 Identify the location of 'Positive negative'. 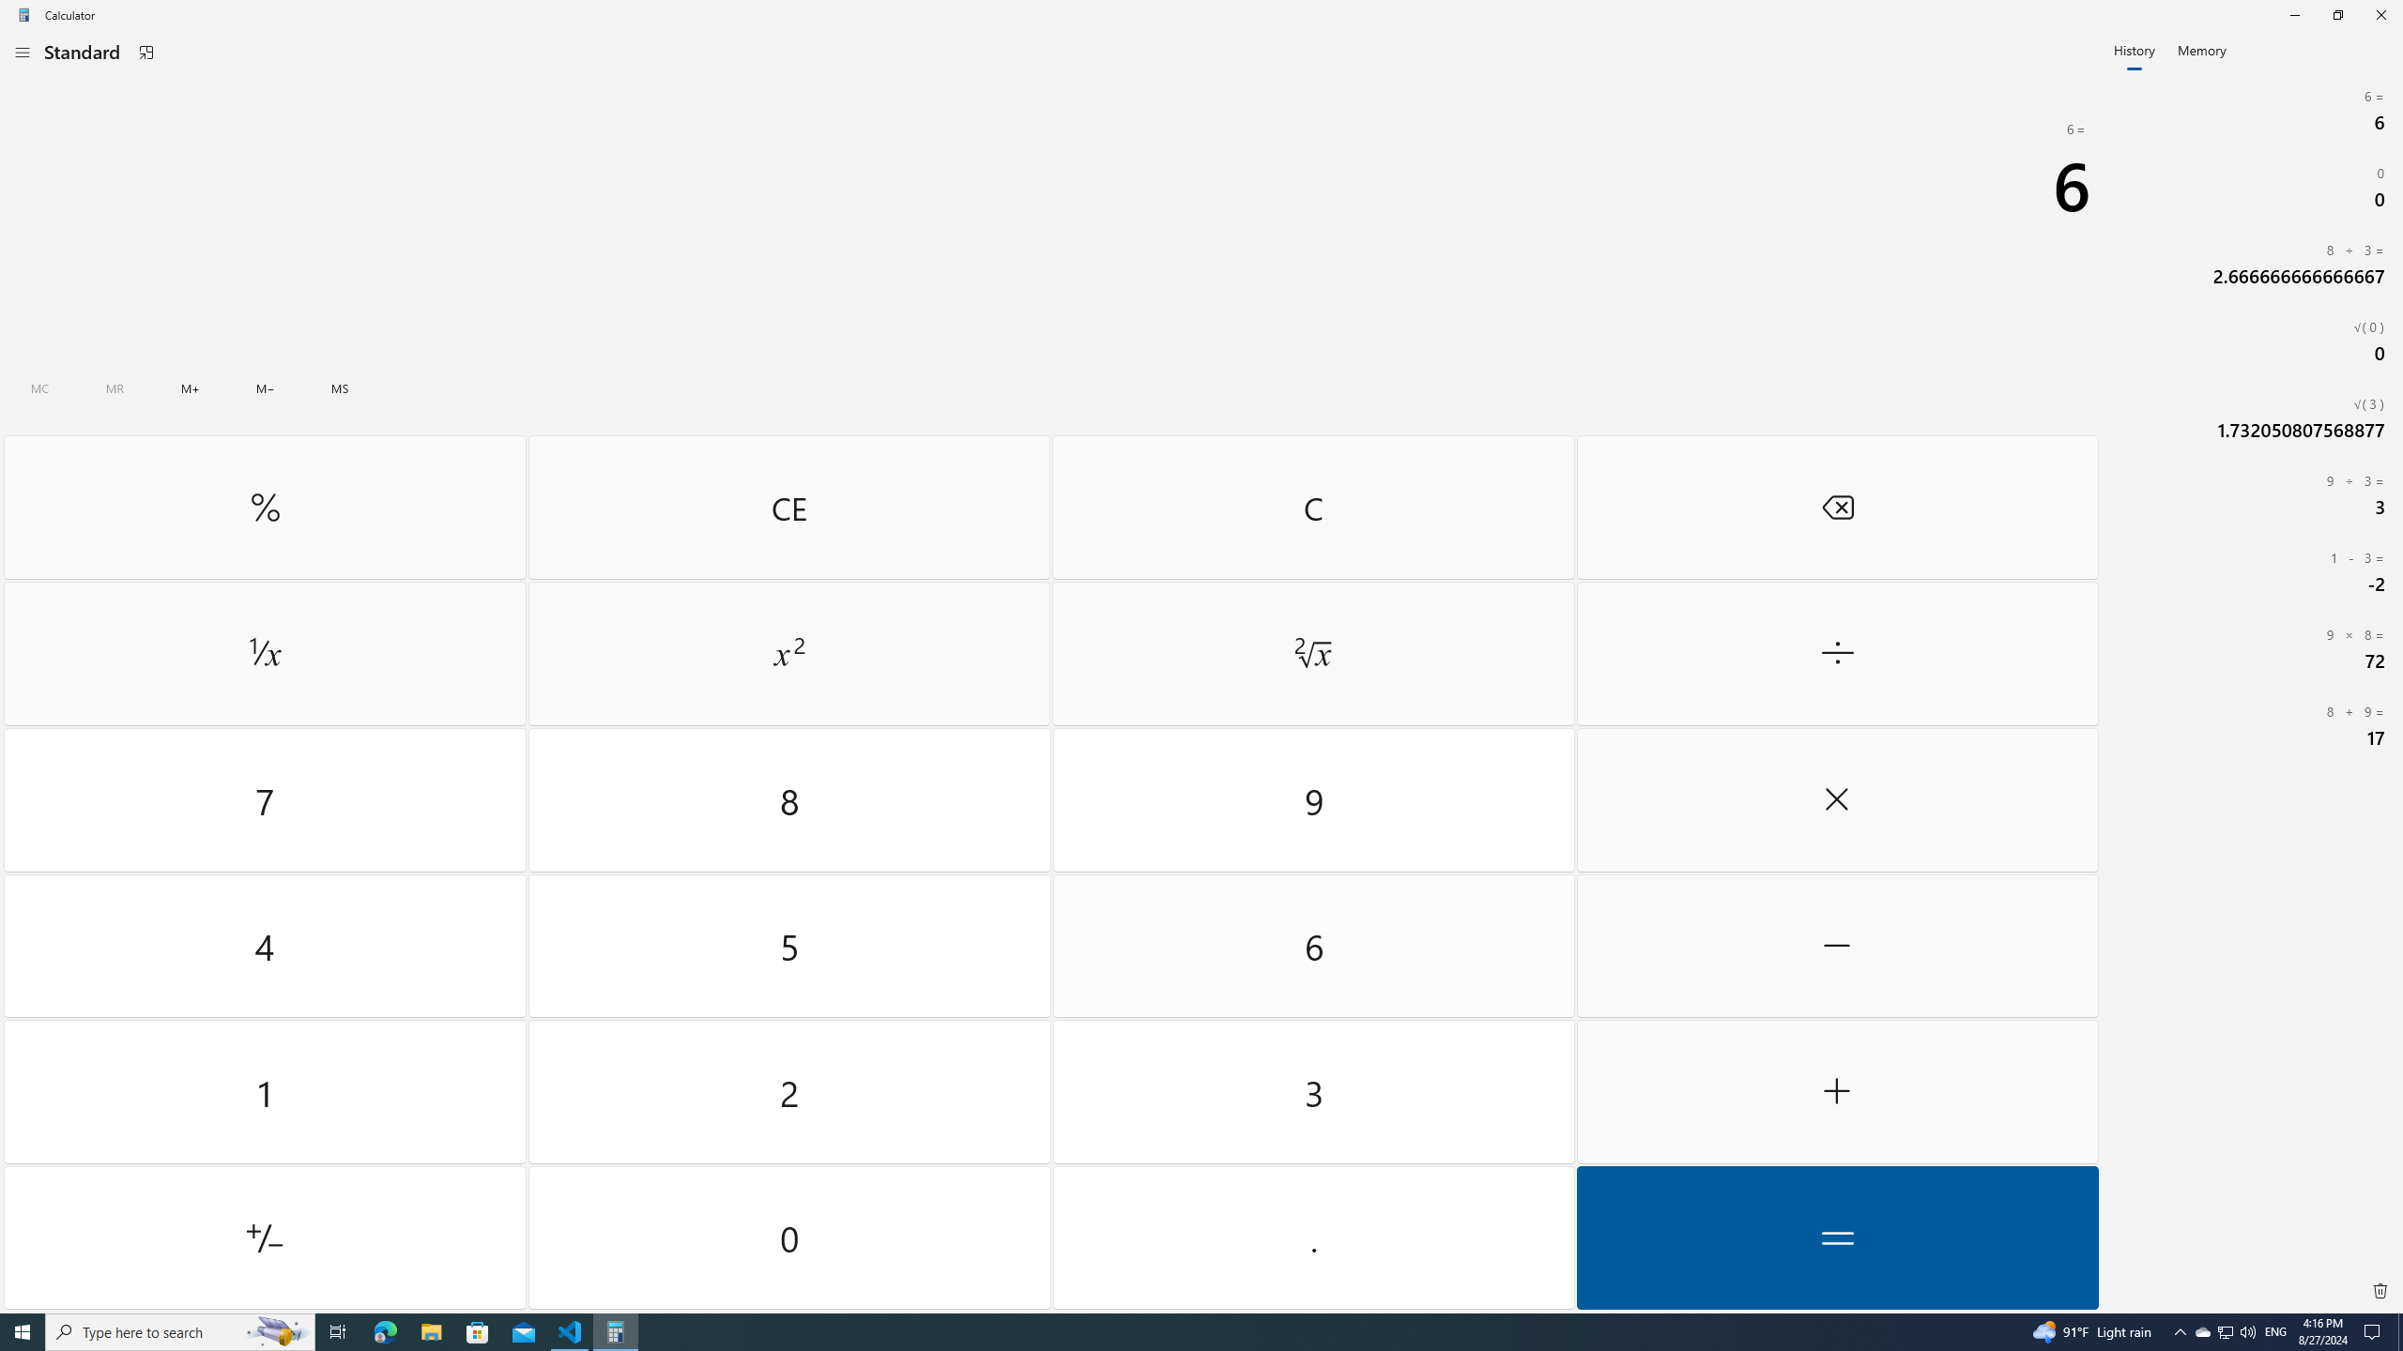
(264, 1237).